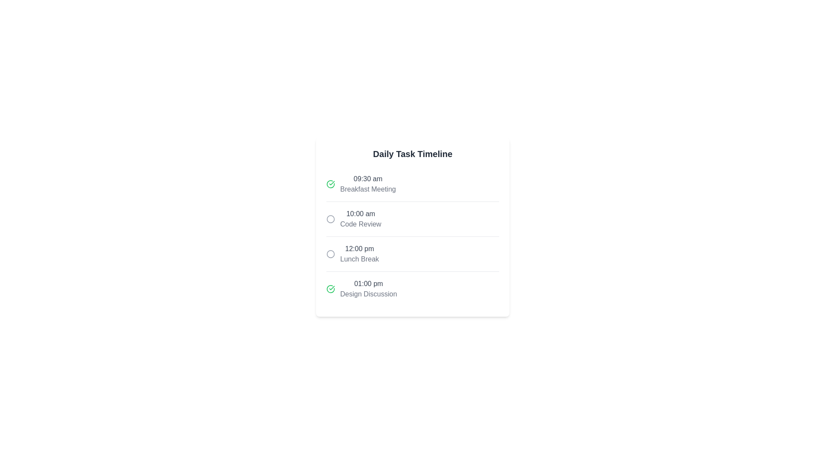 The width and height of the screenshot is (829, 466). What do you see at coordinates (368, 189) in the screenshot?
I see `the 'Breakfast Meeting' label, which is styled in light gray and is positioned beneath the '09:30 am' text in a vertical timeline list` at bounding box center [368, 189].